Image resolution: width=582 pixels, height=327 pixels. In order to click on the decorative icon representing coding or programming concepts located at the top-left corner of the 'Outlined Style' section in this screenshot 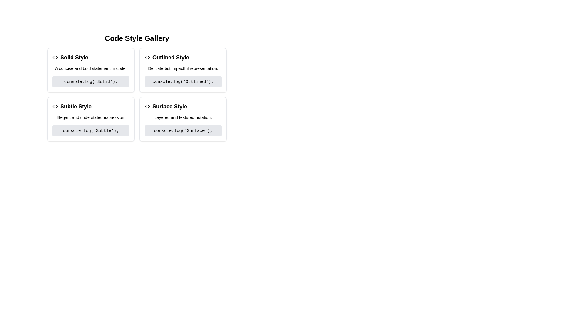, I will do `click(147, 57)`.